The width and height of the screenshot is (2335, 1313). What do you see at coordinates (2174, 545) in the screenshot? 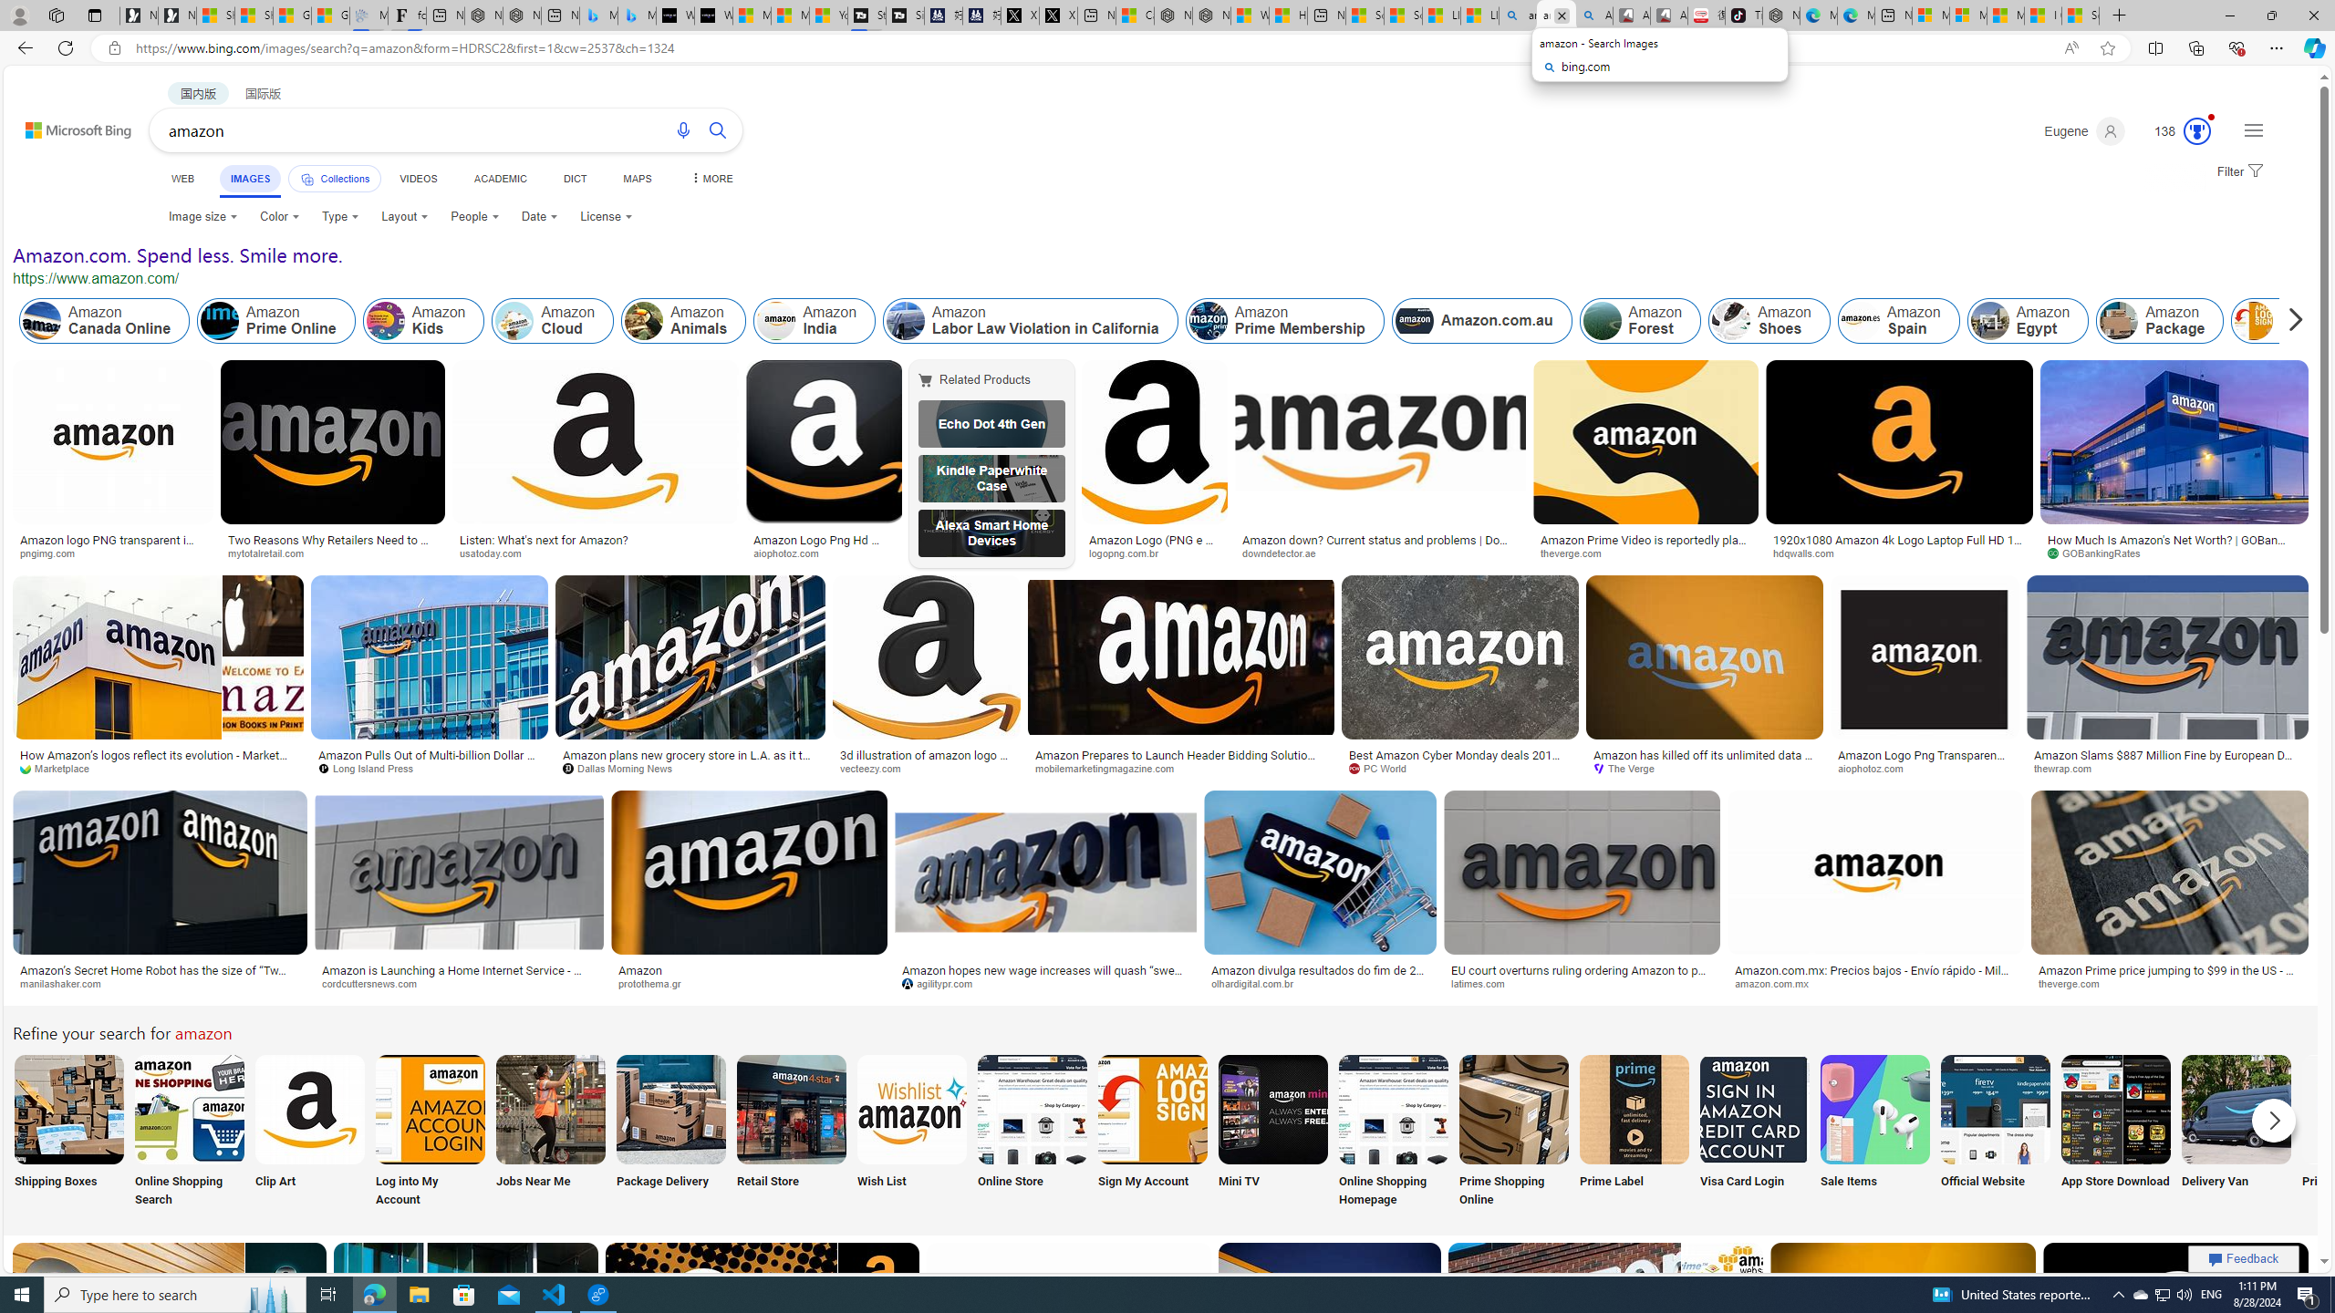
I see `'How Much Is Amazon'` at bounding box center [2174, 545].